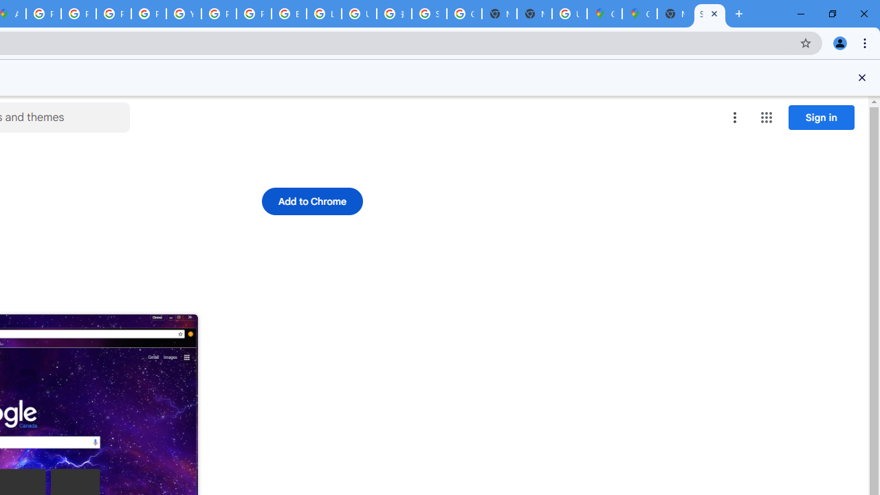 The width and height of the screenshot is (880, 495). What do you see at coordinates (839, 42) in the screenshot?
I see `'You'` at bounding box center [839, 42].